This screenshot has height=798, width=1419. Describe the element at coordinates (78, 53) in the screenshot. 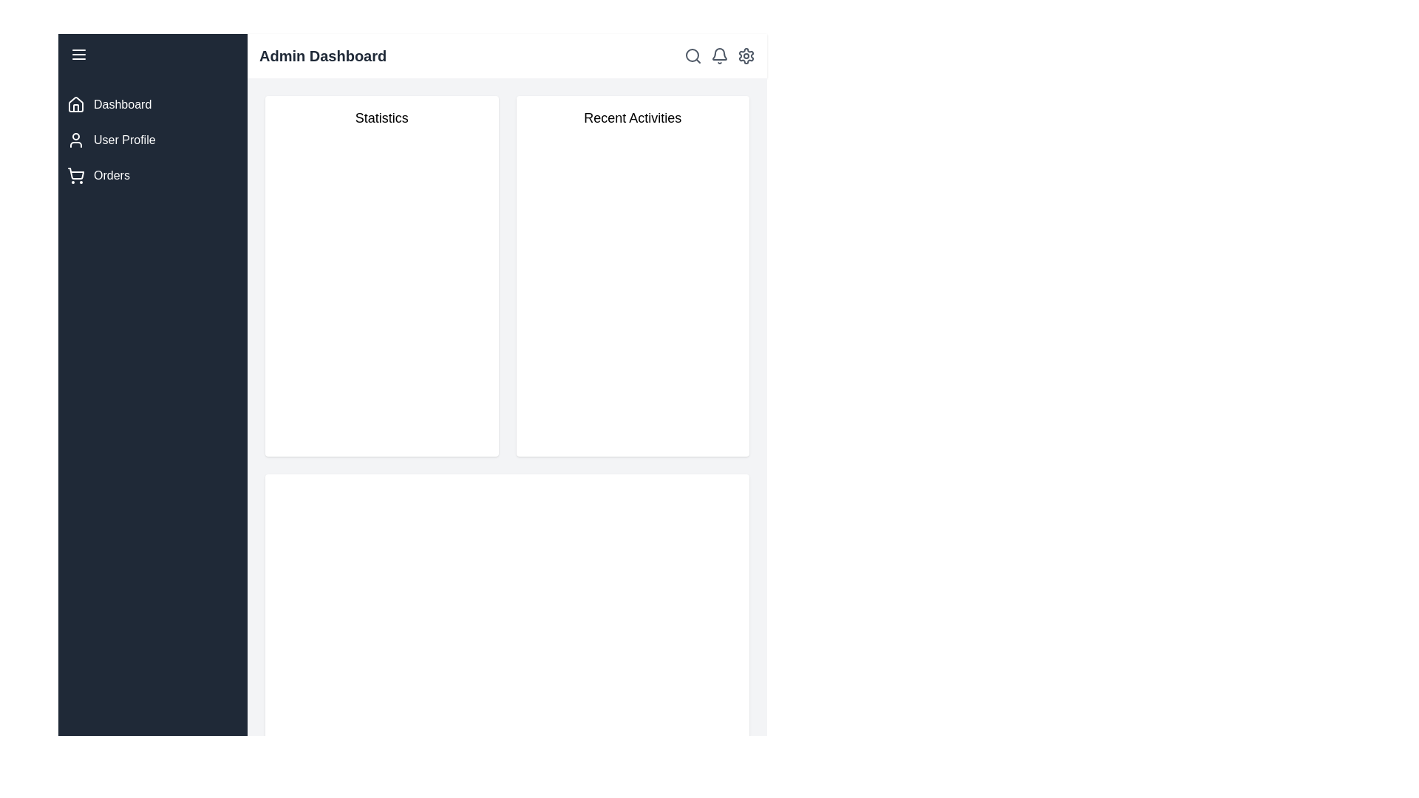

I see `the hamburger menu icon consisting of three horizontal lines` at that location.